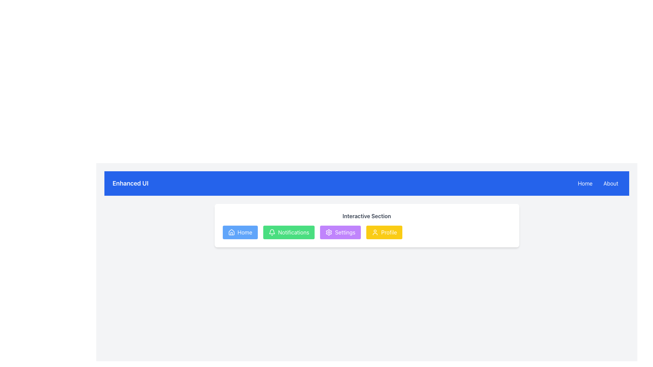 This screenshot has width=653, height=367. Describe the element at coordinates (384, 232) in the screenshot. I see `the fourth button in the navigation group, which directs the user to their profile page` at that location.